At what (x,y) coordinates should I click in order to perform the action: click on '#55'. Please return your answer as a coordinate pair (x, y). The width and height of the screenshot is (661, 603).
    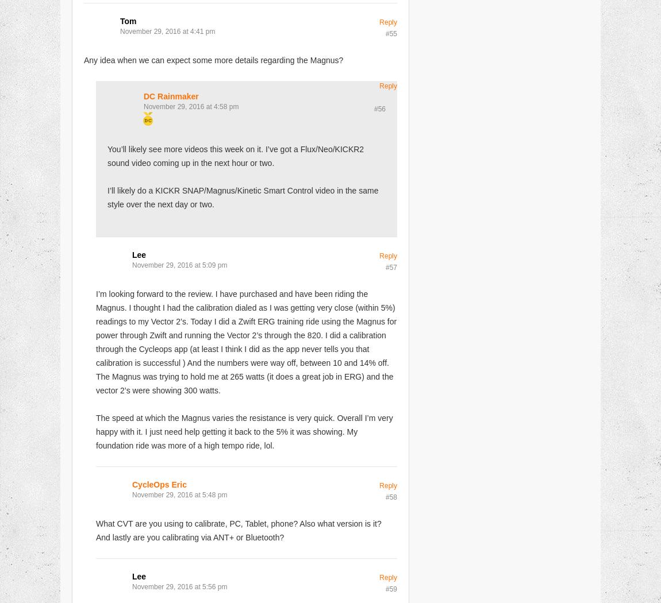
    Looking at the image, I should click on (390, 32).